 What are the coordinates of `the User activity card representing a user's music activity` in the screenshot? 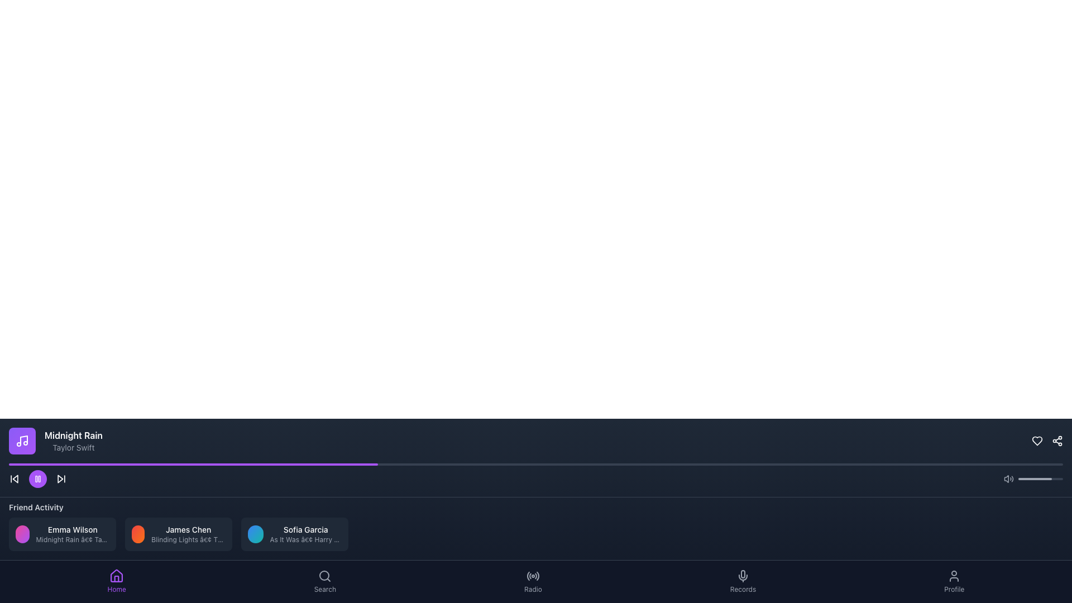 It's located at (61, 533).